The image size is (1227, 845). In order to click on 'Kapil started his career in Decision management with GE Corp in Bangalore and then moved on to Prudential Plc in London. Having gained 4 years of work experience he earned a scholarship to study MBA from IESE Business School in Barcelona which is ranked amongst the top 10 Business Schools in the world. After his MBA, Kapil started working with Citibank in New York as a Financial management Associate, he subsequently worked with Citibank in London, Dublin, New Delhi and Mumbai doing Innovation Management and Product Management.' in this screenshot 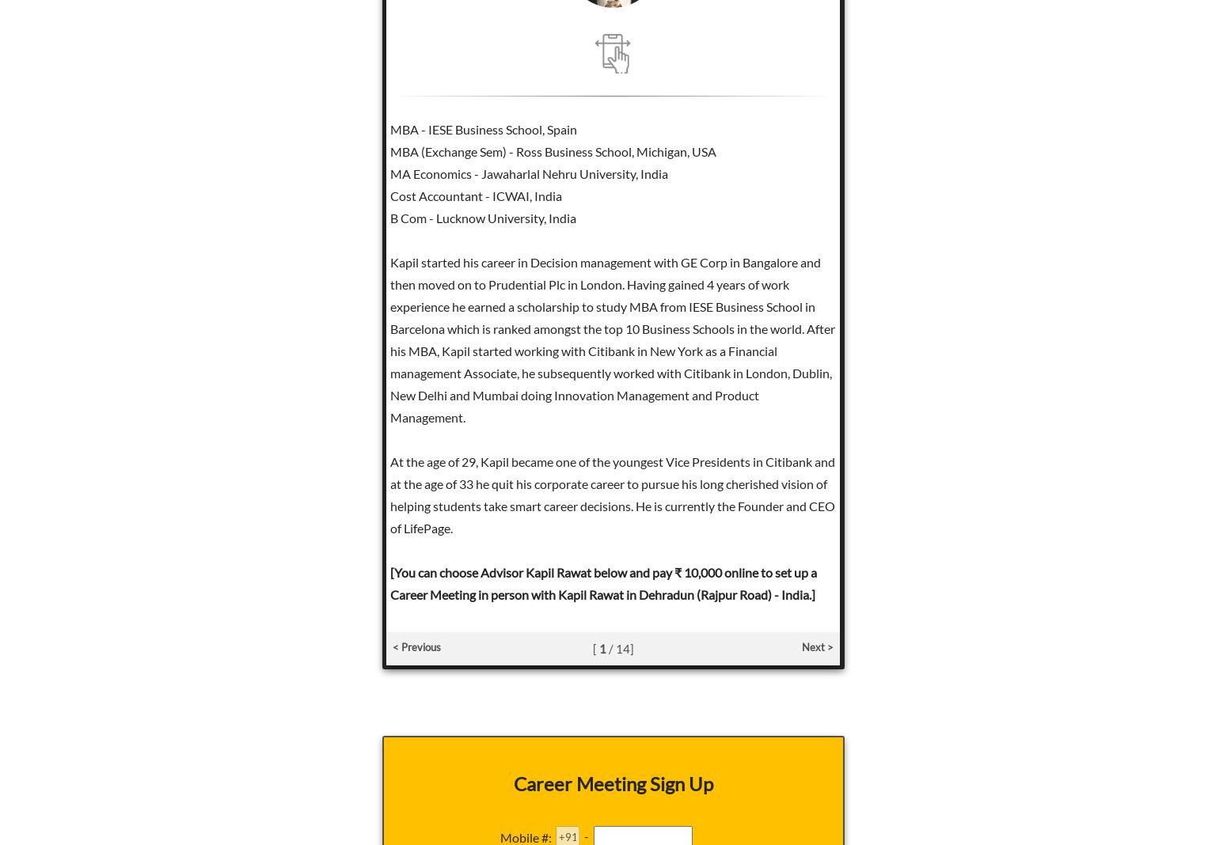, I will do `click(611, 339)`.